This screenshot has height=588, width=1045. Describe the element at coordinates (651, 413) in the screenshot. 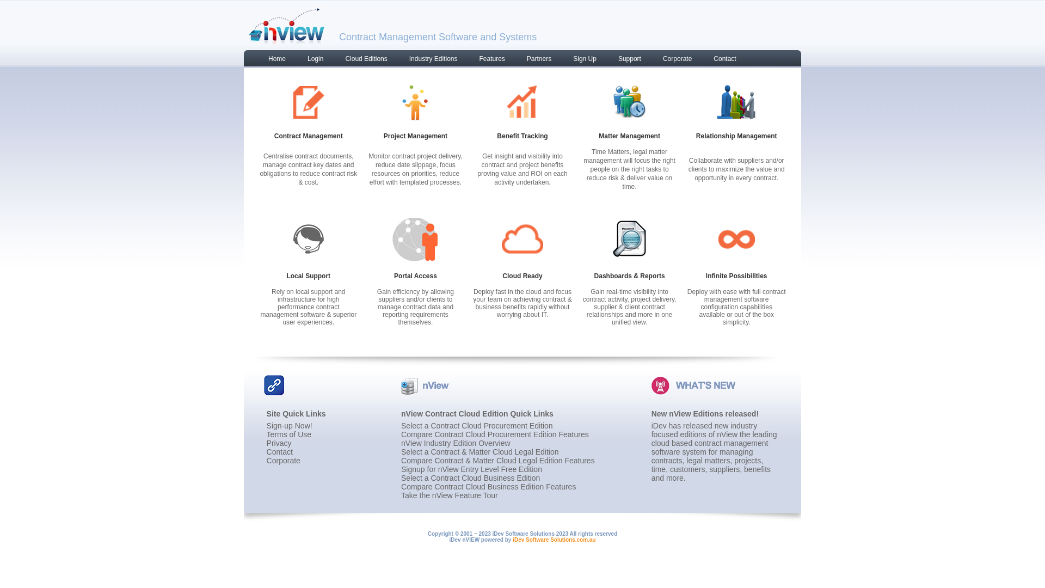

I see `'New nView Editions released!'` at that location.